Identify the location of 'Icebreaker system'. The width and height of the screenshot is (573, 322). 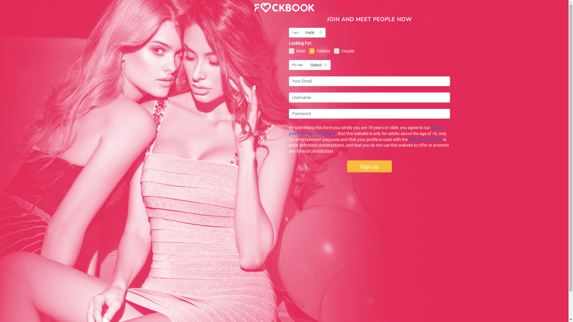
(408, 139).